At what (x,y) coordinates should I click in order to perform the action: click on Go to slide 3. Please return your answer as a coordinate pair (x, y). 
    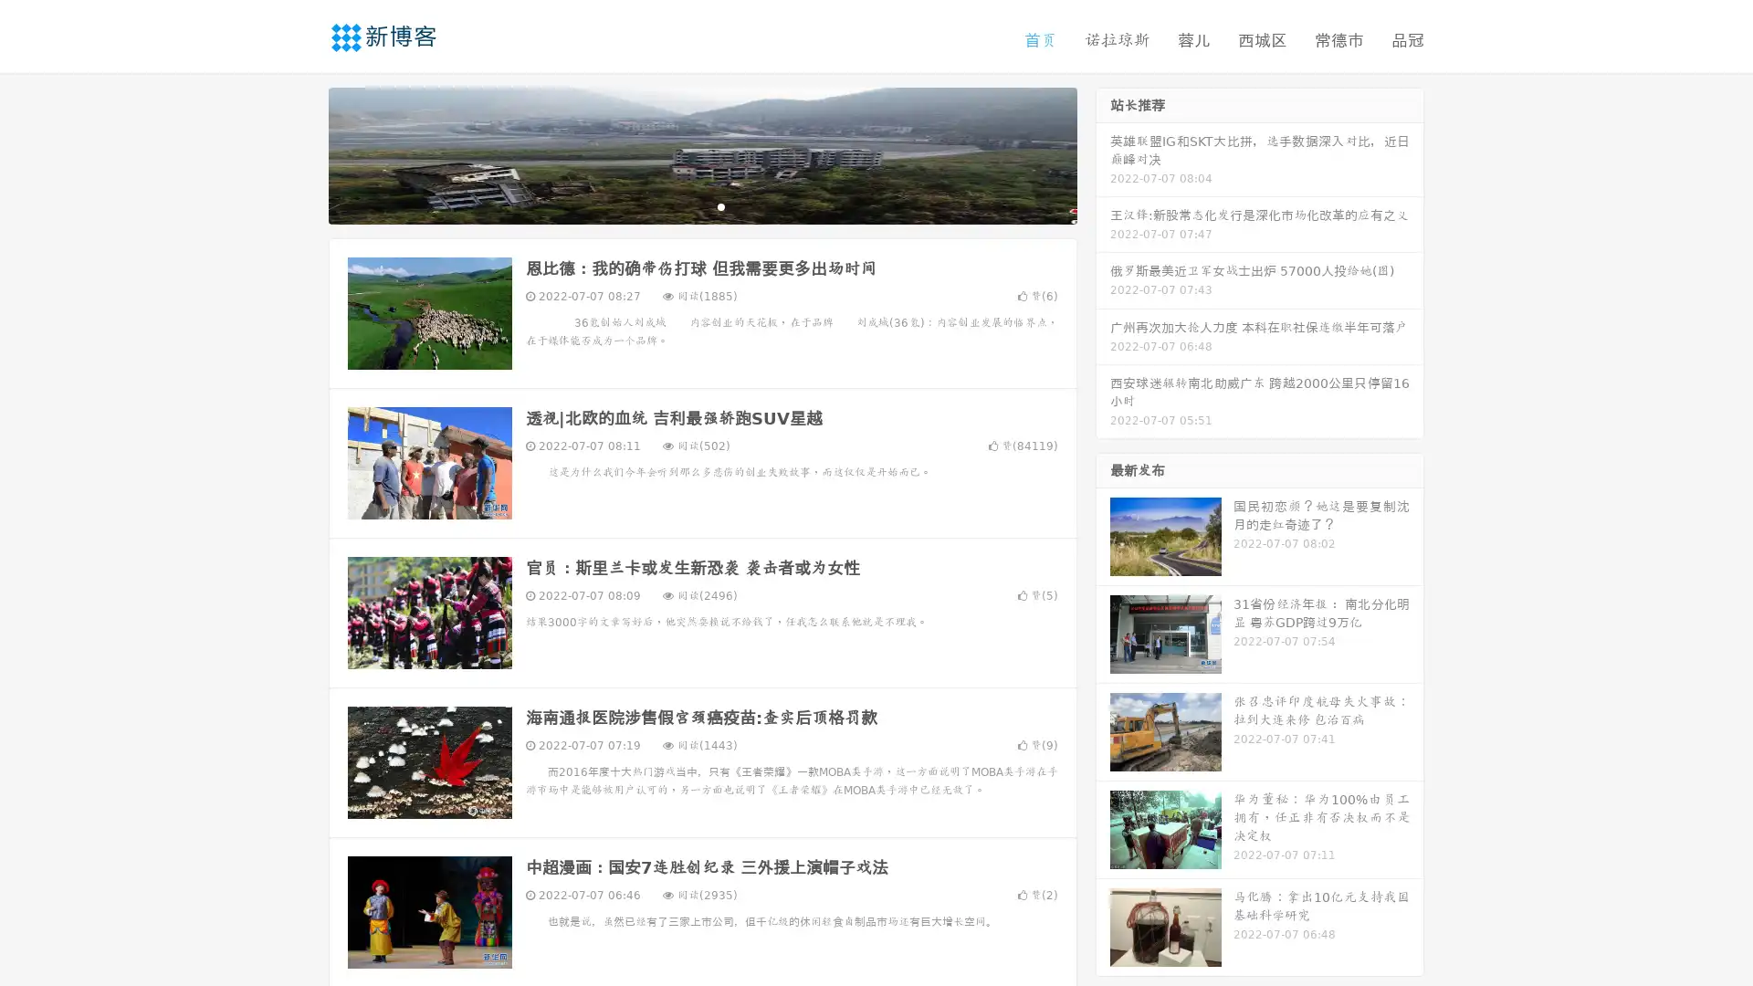
    Looking at the image, I should click on (720, 205).